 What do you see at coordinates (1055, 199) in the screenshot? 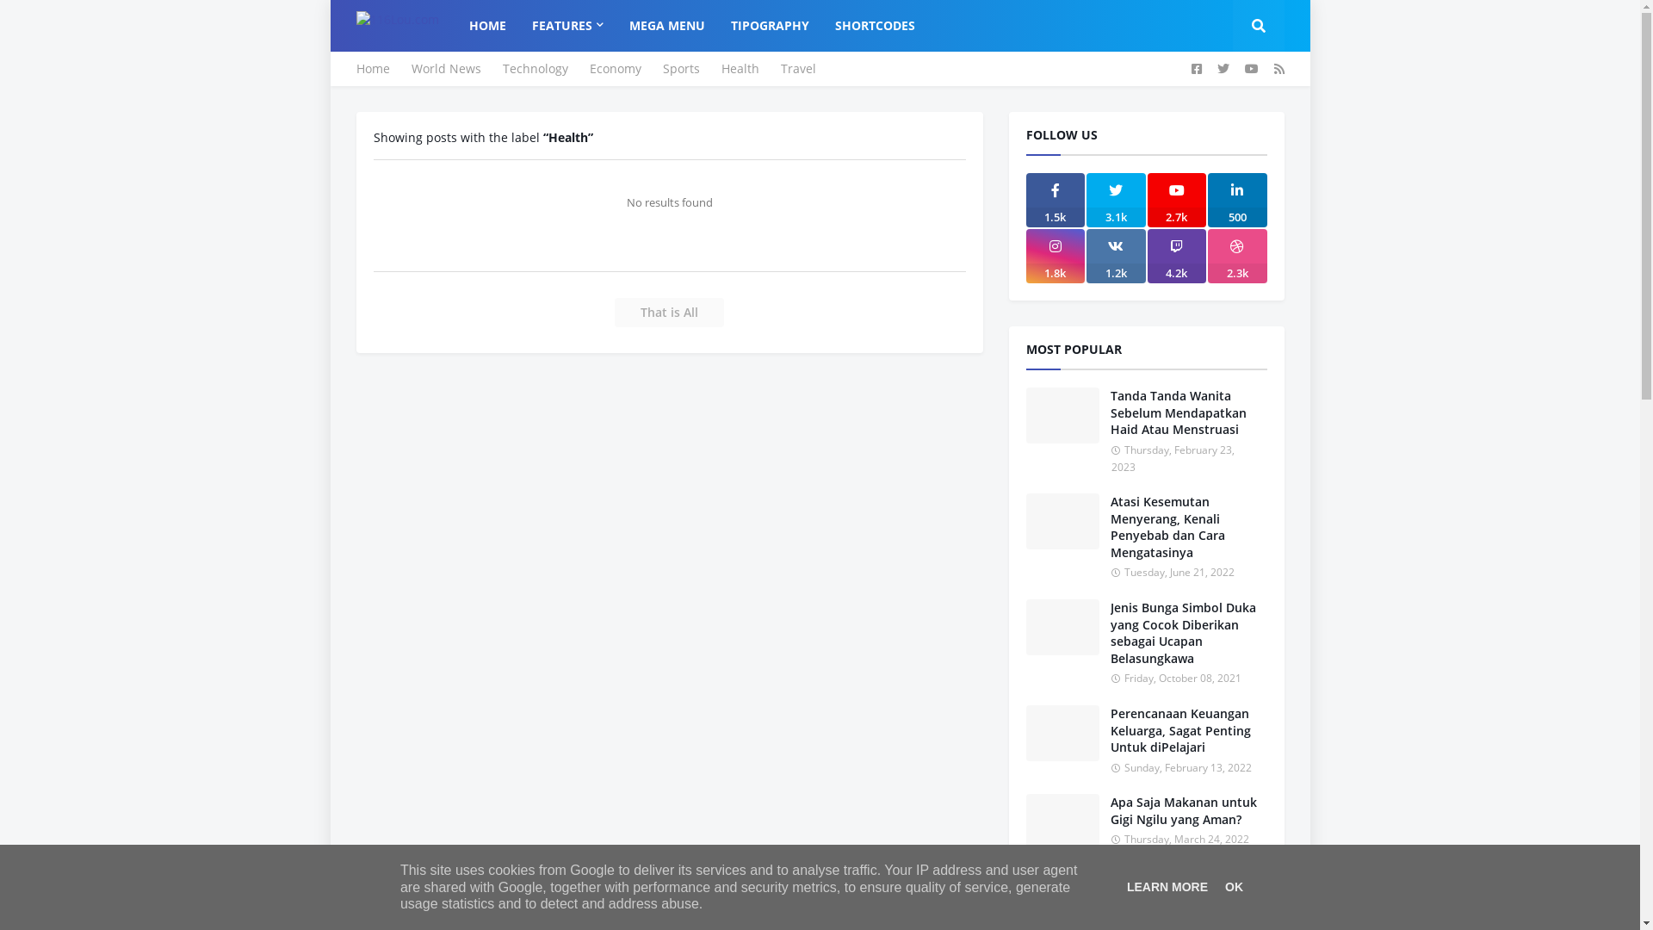
I see `'1.5k'` at bounding box center [1055, 199].